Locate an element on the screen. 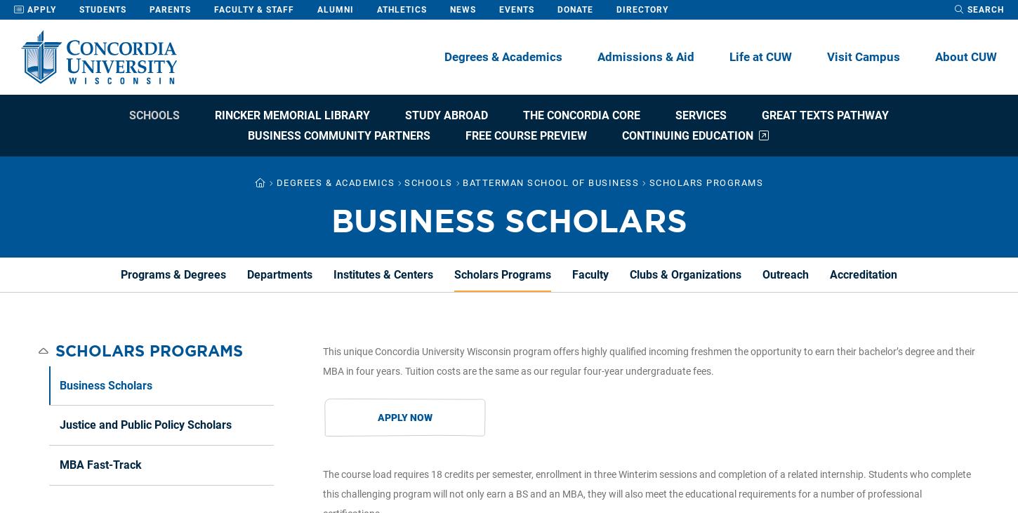 This screenshot has height=513, width=1018. 'Business Community Partners' is located at coordinates (337, 135).